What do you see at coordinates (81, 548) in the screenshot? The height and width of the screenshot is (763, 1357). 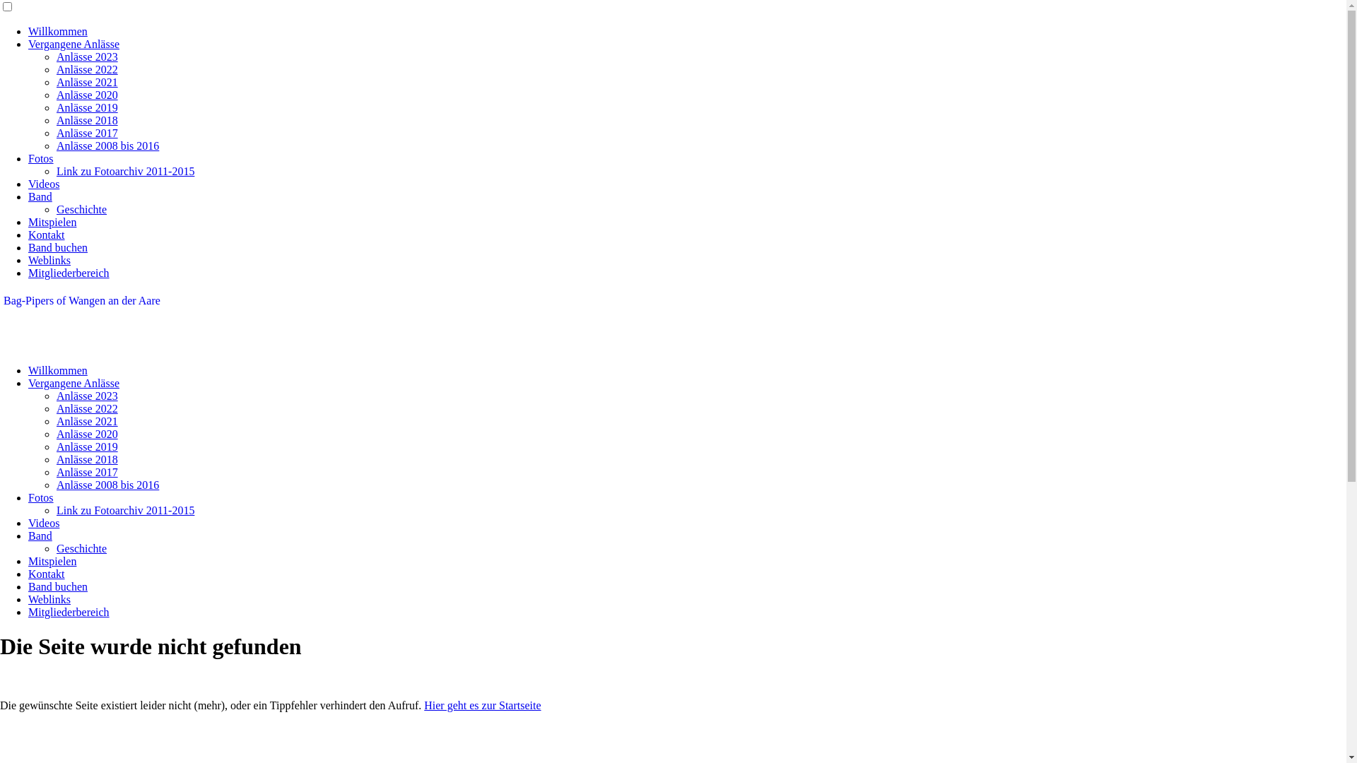 I see `'Geschichte'` at bounding box center [81, 548].